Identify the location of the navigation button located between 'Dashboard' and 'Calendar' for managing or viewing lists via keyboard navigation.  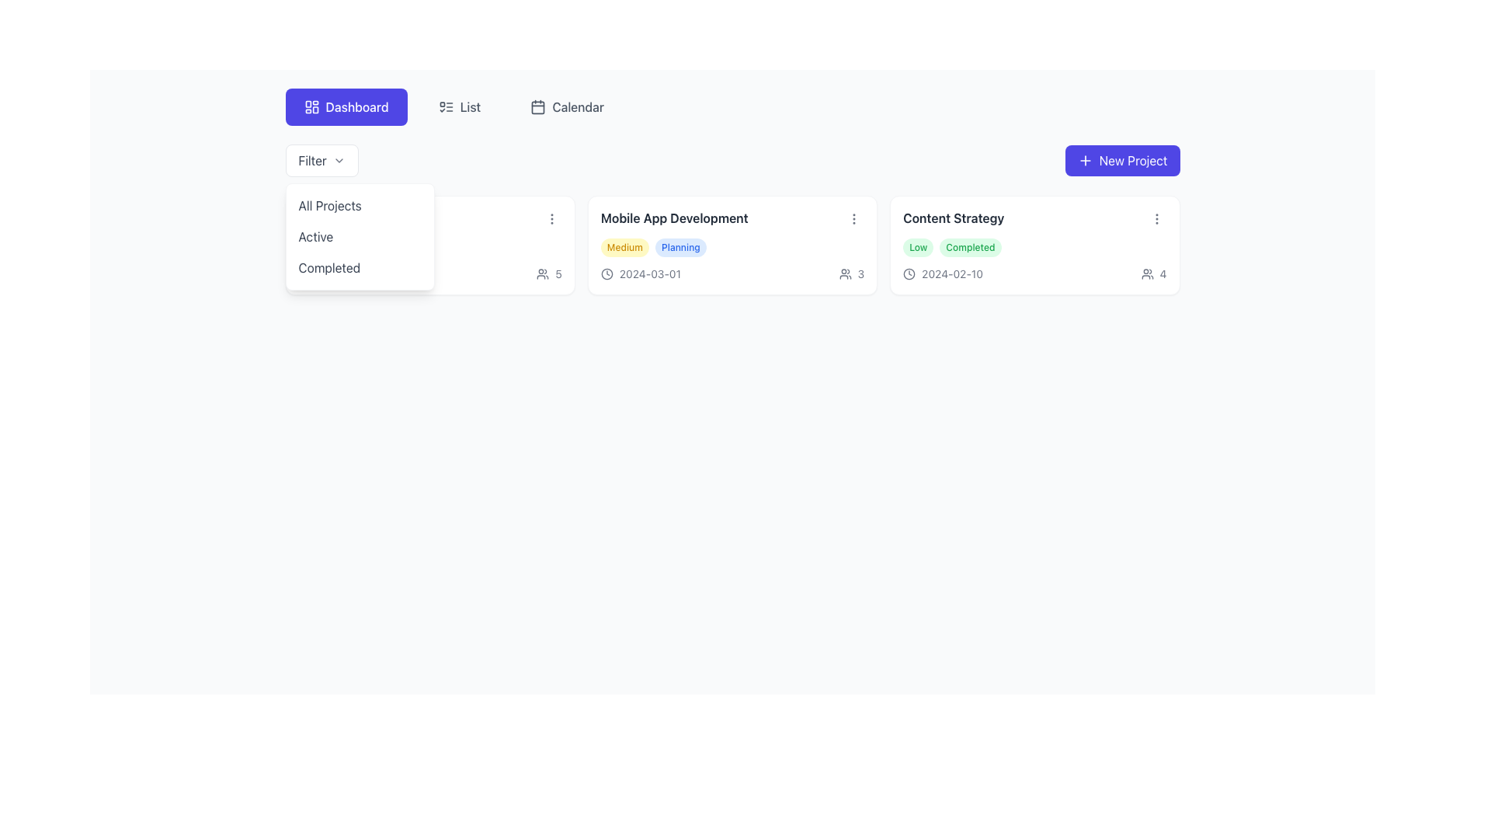
(458, 106).